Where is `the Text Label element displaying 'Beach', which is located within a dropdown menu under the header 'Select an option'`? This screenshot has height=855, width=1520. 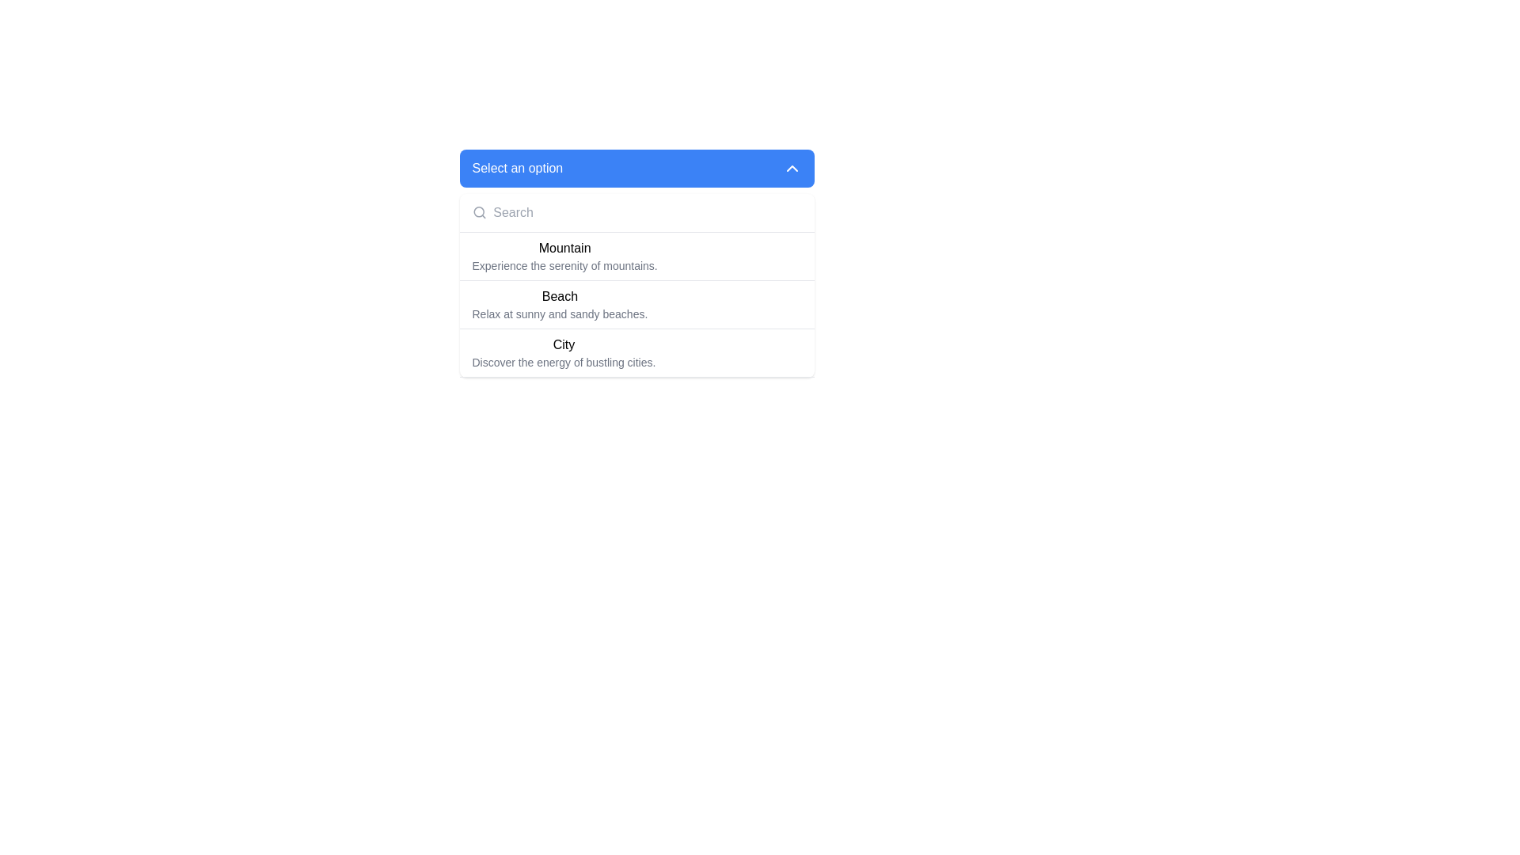
the Text Label element displaying 'Beach', which is located within a dropdown menu under the header 'Select an option' is located at coordinates (560, 296).